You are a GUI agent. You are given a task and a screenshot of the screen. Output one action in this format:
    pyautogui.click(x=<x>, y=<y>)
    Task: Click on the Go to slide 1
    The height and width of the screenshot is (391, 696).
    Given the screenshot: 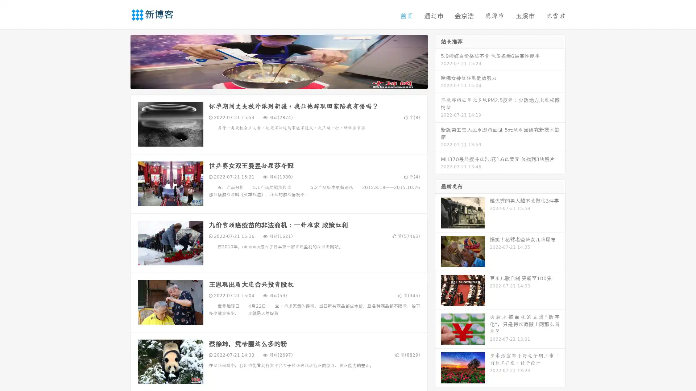 What is the action you would take?
    pyautogui.click(x=271, y=81)
    